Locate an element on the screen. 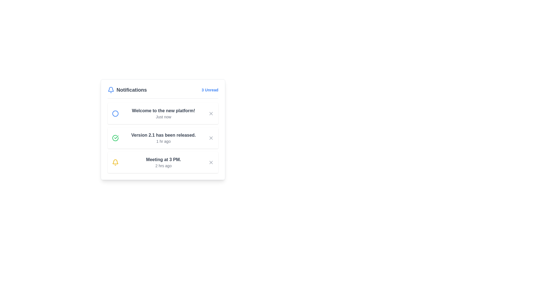 The image size is (534, 300). the Close or Dismiss button located on the right side of the third notification entry, next to the text 'Meeting at 3 PM' is located at coordinates (211, 162).